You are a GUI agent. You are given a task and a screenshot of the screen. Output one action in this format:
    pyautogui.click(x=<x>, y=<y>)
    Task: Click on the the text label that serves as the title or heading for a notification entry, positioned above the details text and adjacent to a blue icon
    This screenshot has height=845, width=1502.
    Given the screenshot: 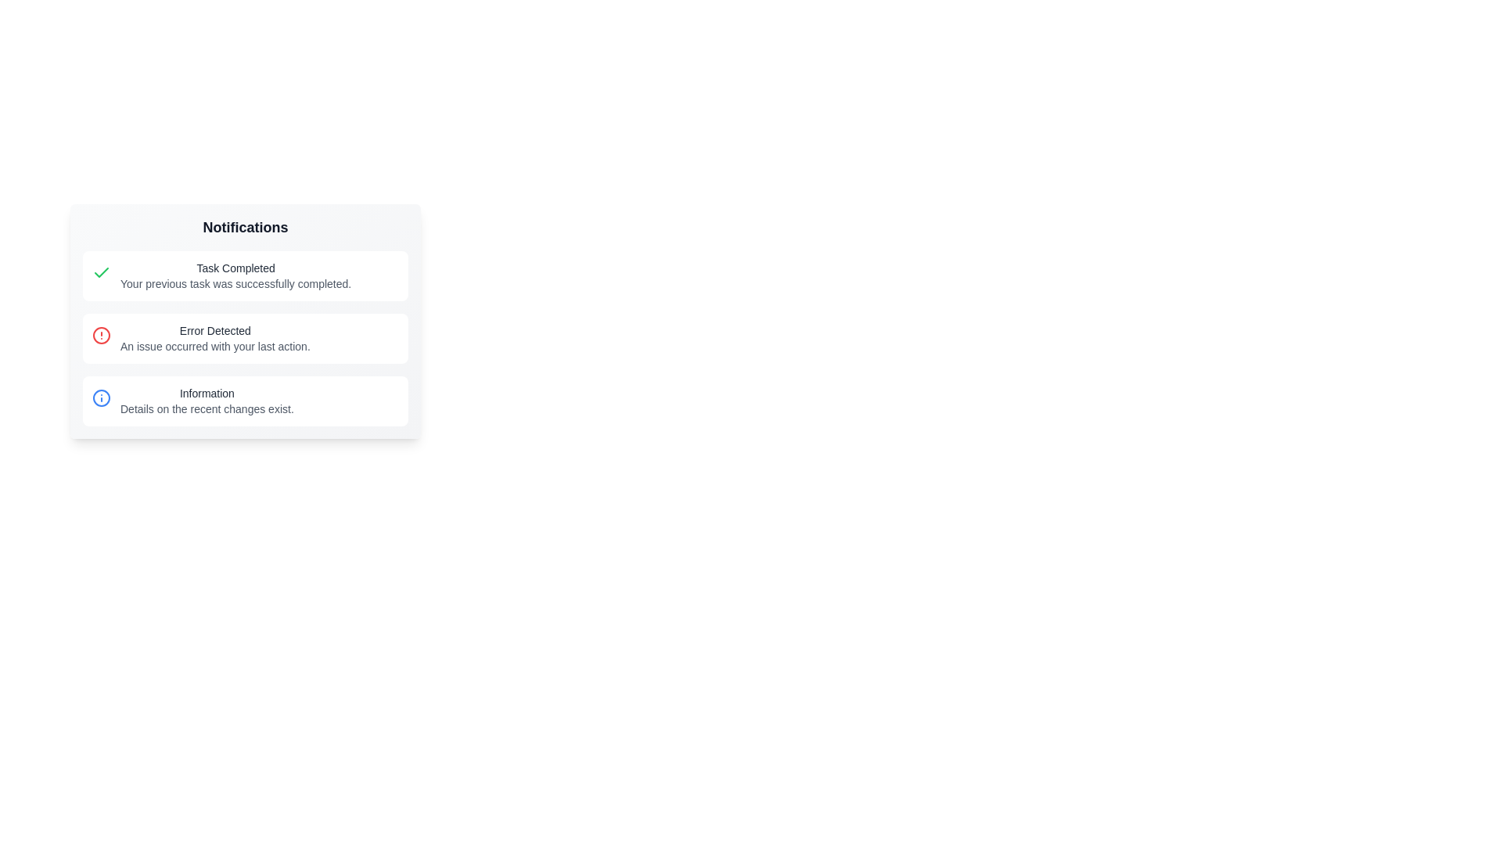 What is the action you would take?
    pyautogui.click(x=206, y=392)
    